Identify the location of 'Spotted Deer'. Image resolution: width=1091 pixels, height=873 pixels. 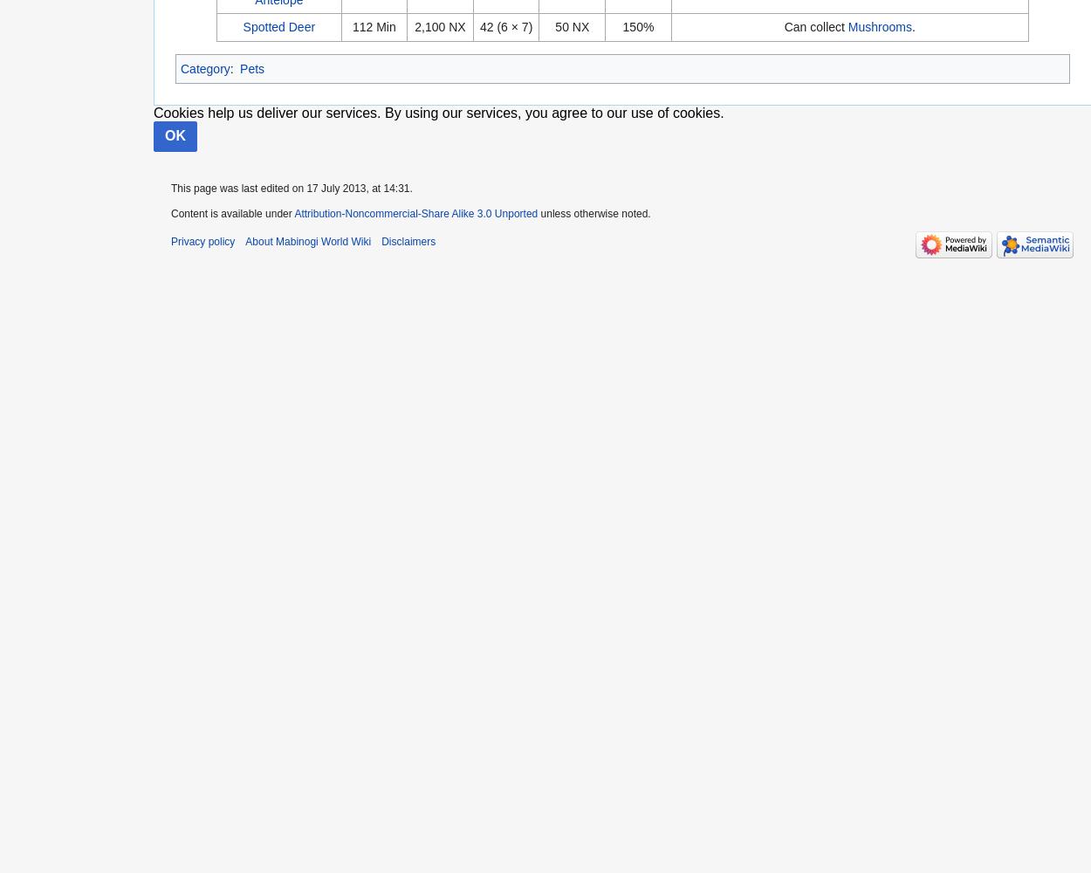
(243, 27).